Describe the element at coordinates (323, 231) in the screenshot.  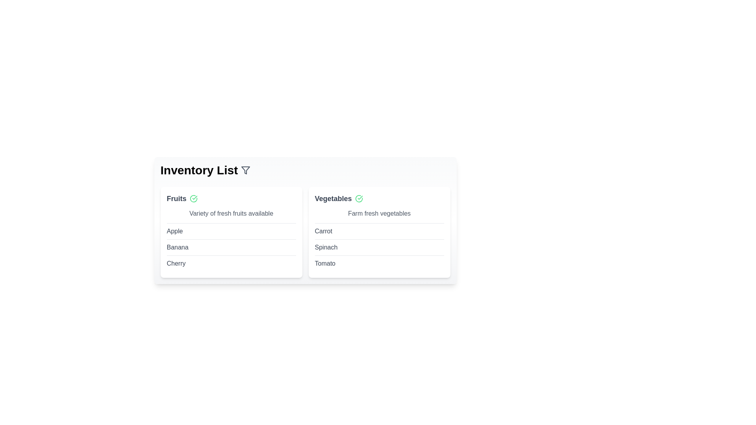
I see `the item Carrot to check for context menu options` at that location.